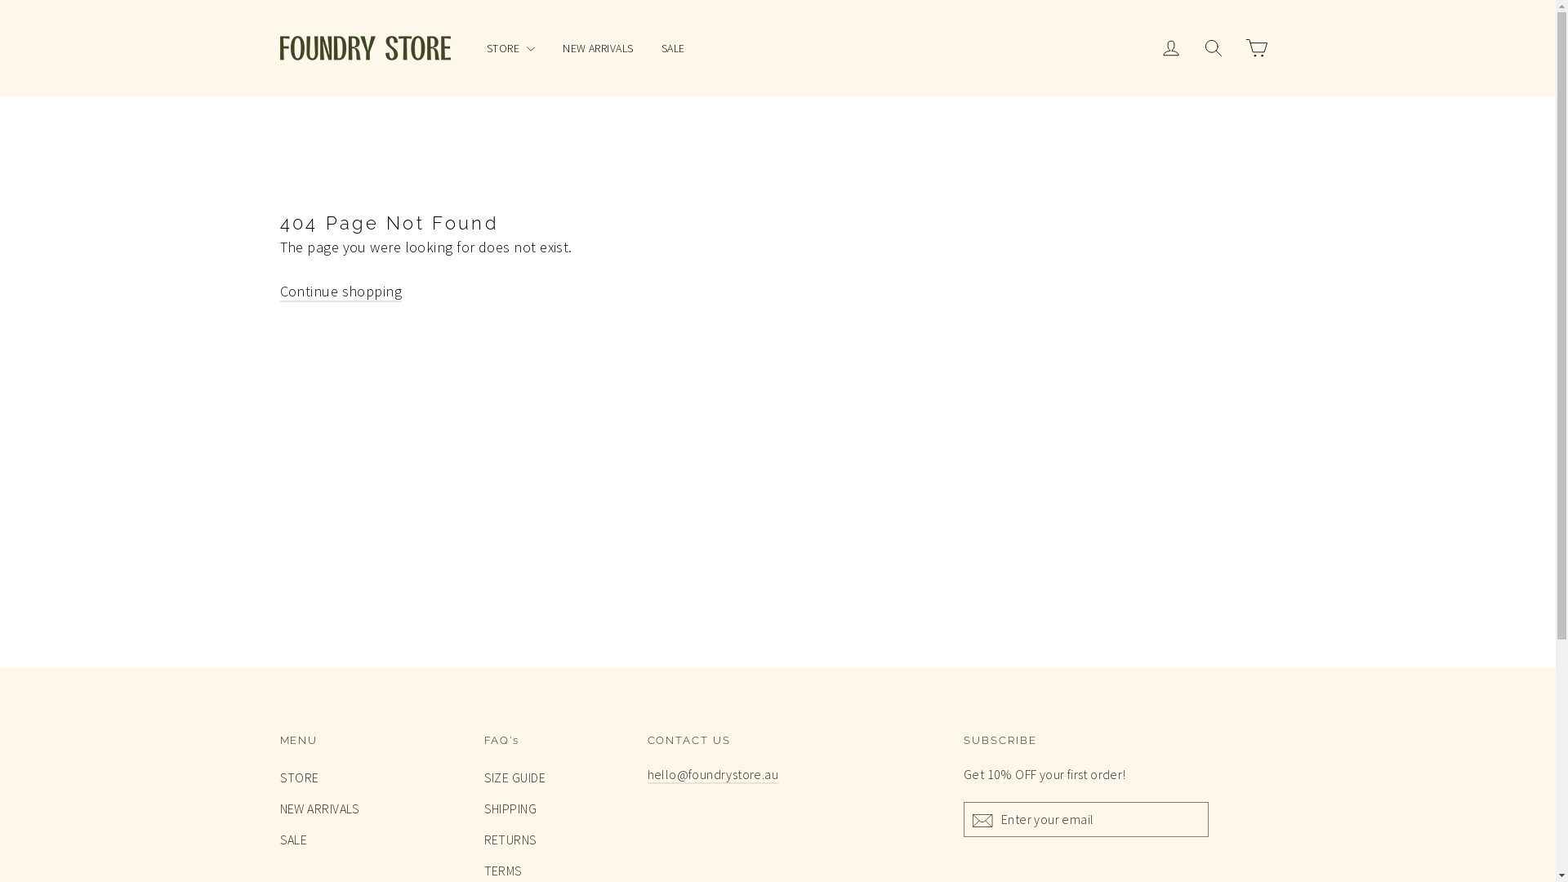 This screenshot has width=1568, height=882. Describe the element at coordinates (473, 47) in the screenshot. I see `'STORE'` at that location.